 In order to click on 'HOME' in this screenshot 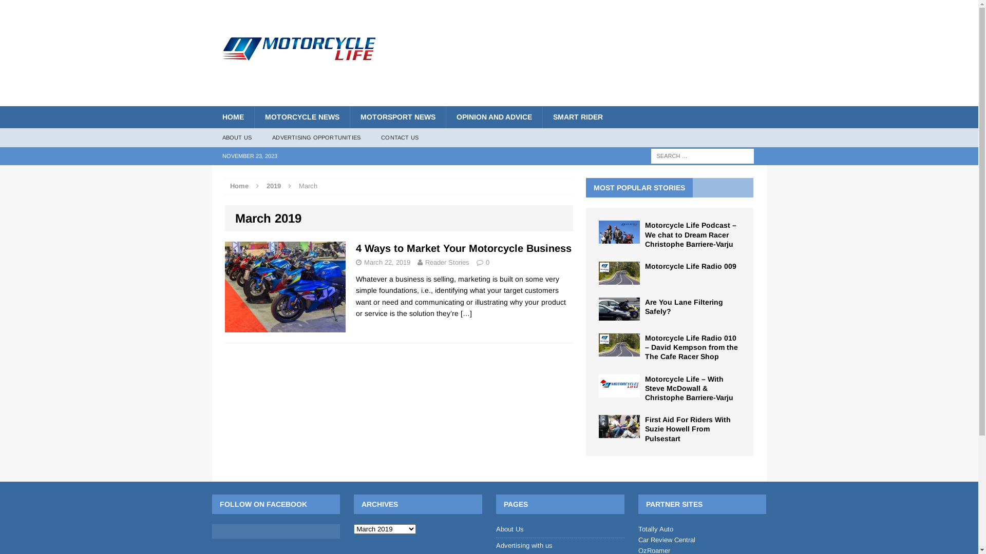, I will do `click(211, 116)`.